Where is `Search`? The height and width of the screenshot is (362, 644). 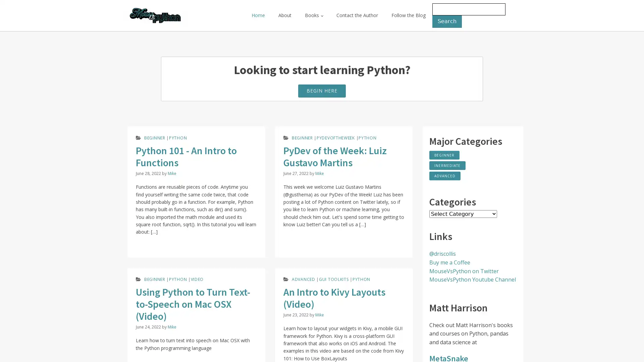
Search is located at coordinates (447, 21).